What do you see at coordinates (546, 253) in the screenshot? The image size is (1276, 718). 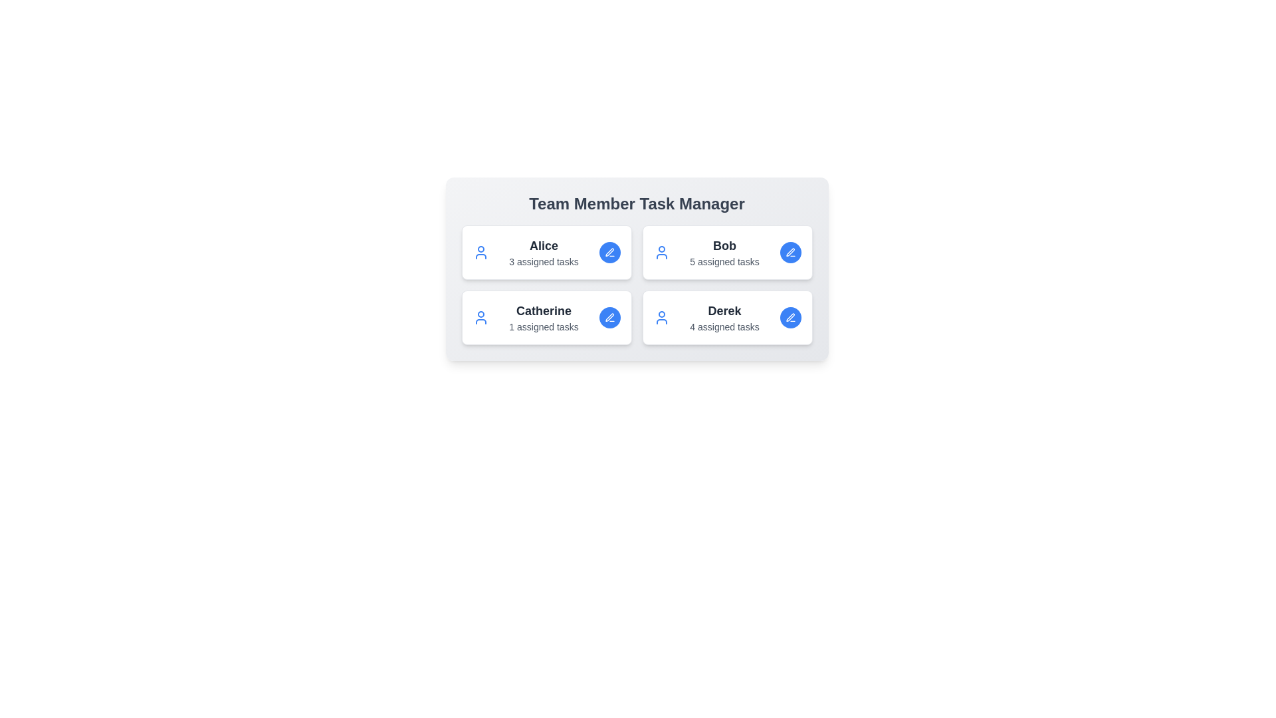 I see `the card of team member Alice` at bounding box center [546, 253].